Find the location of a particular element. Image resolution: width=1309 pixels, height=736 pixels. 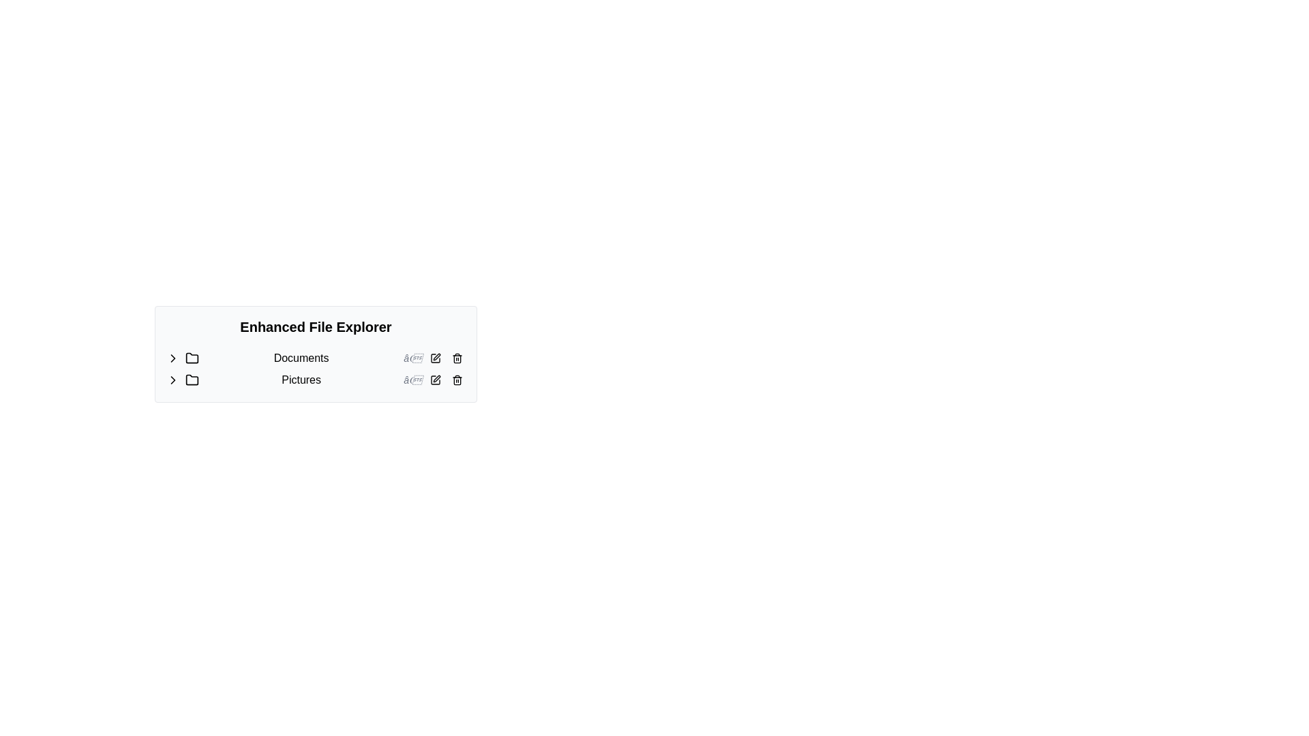

the 'Pictures' row is located at coordinates (315, 380).